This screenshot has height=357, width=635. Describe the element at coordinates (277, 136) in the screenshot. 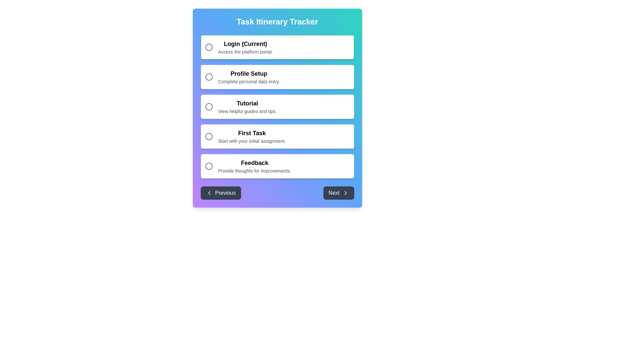

I see `the 'First Task' informational card, which is the fourth card in the 'Task Itinerary Tracker', located below the 'Tutorial' card and above the 'Feedback' card` at that location.